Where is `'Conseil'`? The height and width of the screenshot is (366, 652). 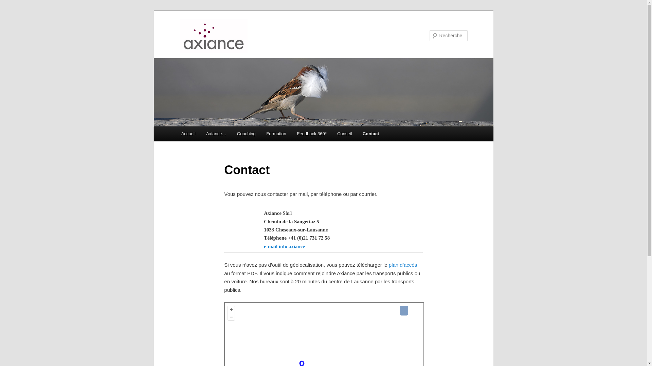
'Conseil' is located at coordinates (344, 134).